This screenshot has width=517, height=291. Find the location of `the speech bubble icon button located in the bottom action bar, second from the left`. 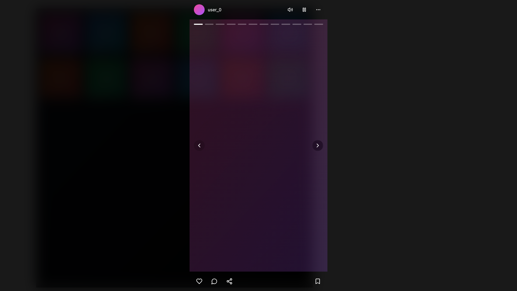

the speech bubble icon button located in the bottom action bar, second from the left is located at coordinates (214, 281).